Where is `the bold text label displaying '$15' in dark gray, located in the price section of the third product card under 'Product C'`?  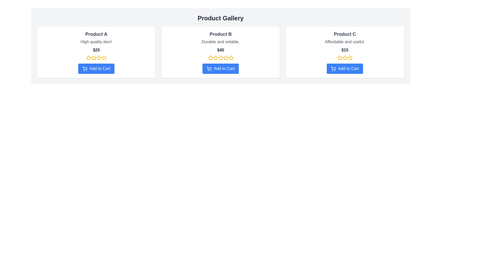 the bold text label displaying '$15' in dark gray, located in the price section of the third product card under 'Product C' is located at coordinates (345, 50).